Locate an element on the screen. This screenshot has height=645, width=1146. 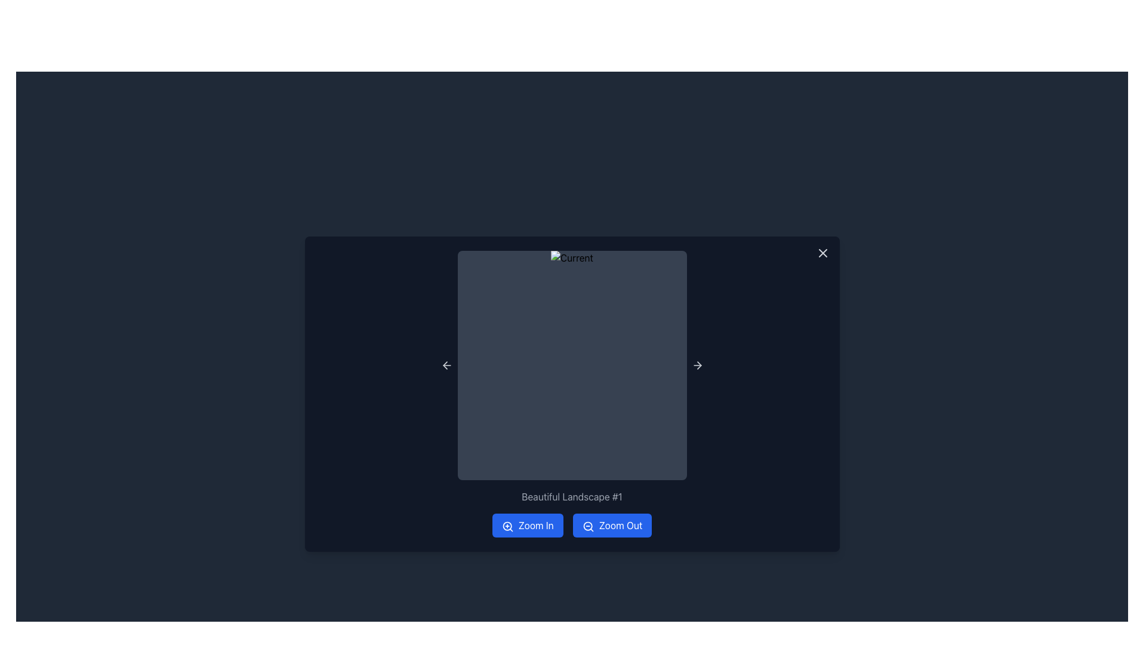
the decorative icon within the 'Zoom Out' button located at the bottom-right corner of the modal window is located at coordinates (587, 525).